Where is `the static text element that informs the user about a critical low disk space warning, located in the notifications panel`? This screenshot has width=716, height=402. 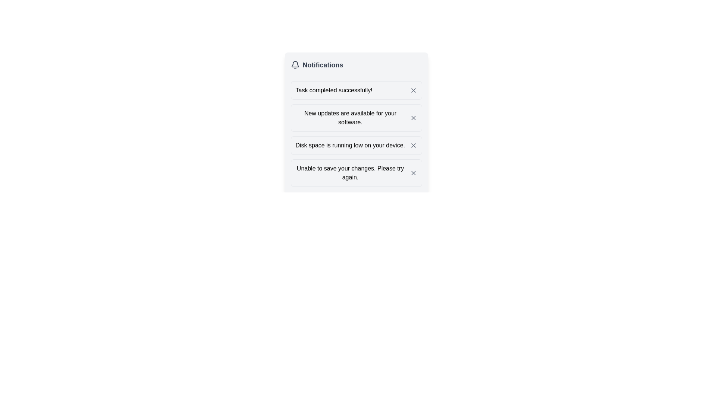
the static text element that informs the user about a critical low disk space warning, located in the notifications panel is located at coordinates (350, 145).